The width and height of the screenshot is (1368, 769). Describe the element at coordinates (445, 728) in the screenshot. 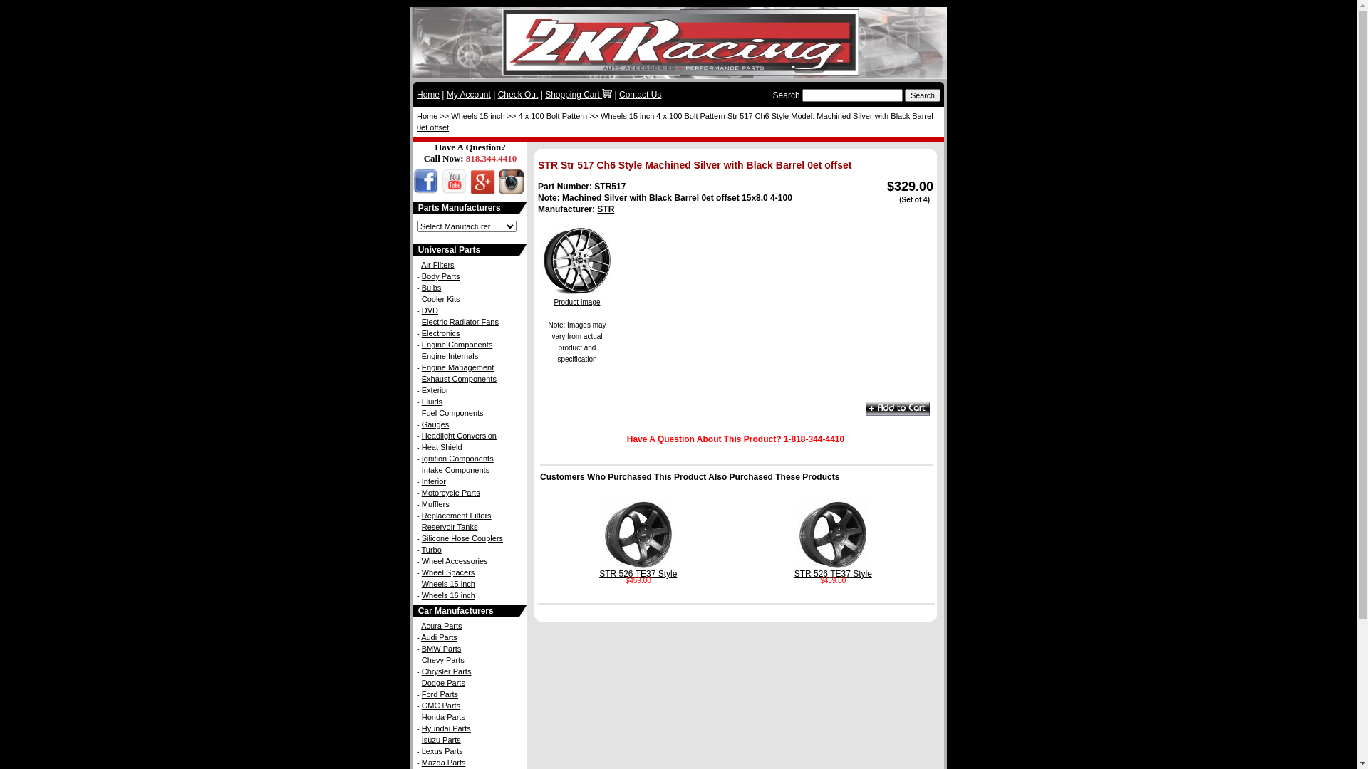

I see `'Hyundai Parts'` at that location.